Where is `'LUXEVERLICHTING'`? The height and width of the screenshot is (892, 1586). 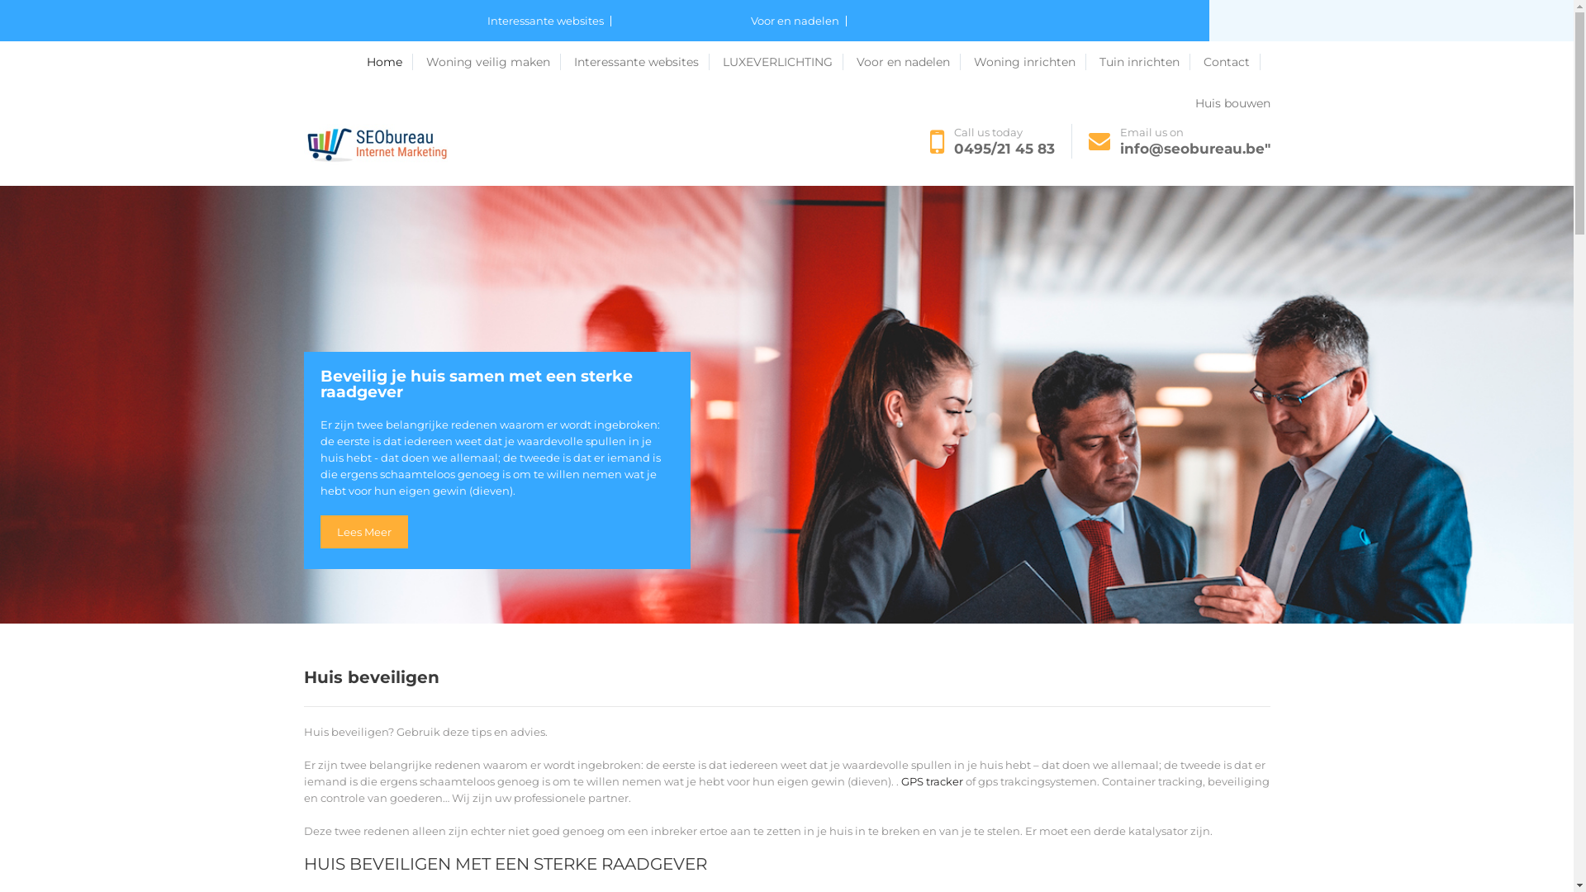
'LUXEVERLICHTING' is located at coordinates (686, 61).